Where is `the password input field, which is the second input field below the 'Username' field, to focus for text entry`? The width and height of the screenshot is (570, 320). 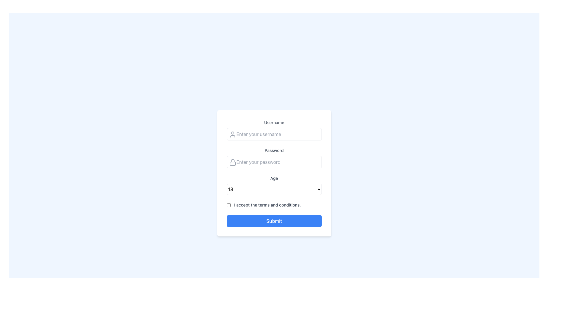
the password input field, which is the second input field below the 'Username' field, to focus for text entry is located at coordinates (274, 157).